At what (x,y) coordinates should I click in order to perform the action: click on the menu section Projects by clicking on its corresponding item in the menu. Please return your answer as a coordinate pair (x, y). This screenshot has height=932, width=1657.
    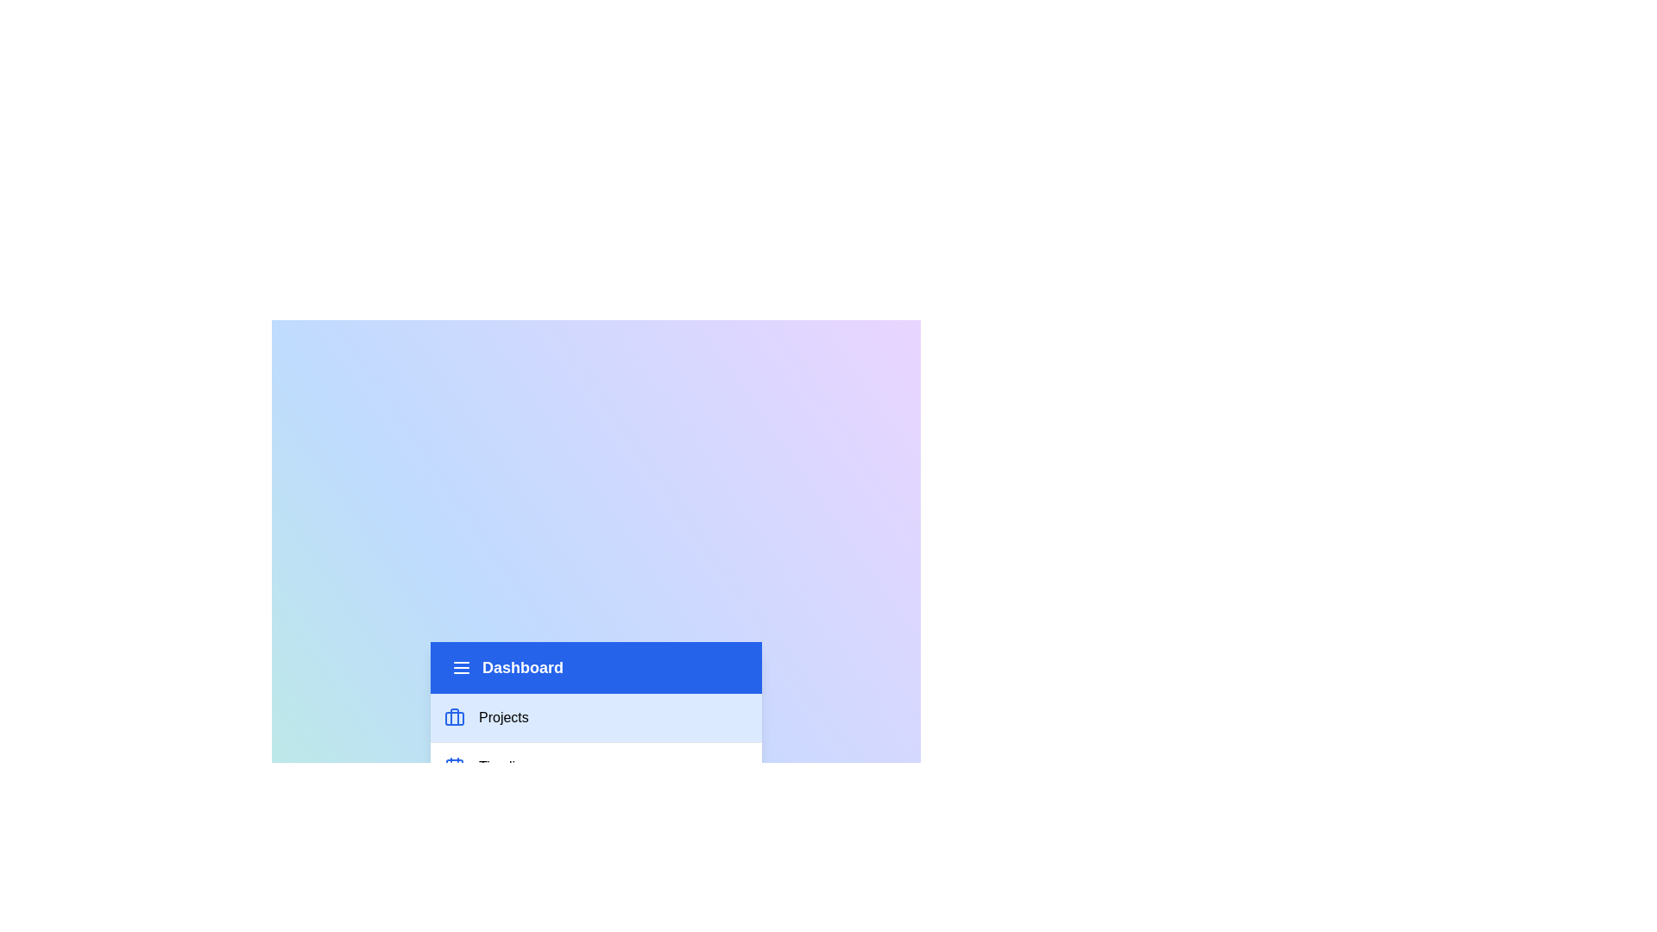
    Looking at the image, I should click on (596, 717).